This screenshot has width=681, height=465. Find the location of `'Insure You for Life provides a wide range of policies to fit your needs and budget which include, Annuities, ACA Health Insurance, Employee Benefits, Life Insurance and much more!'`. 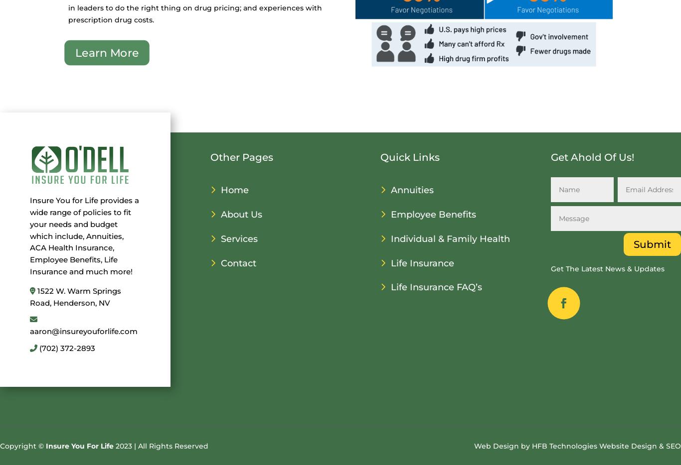

'Insure You for Life provides a wide range of policies to fit your needs and budget which include, Annuities, ACA Health Insurance, Employee Benefits, Life Insurance and much more!' is located at coordinates (29, 235).